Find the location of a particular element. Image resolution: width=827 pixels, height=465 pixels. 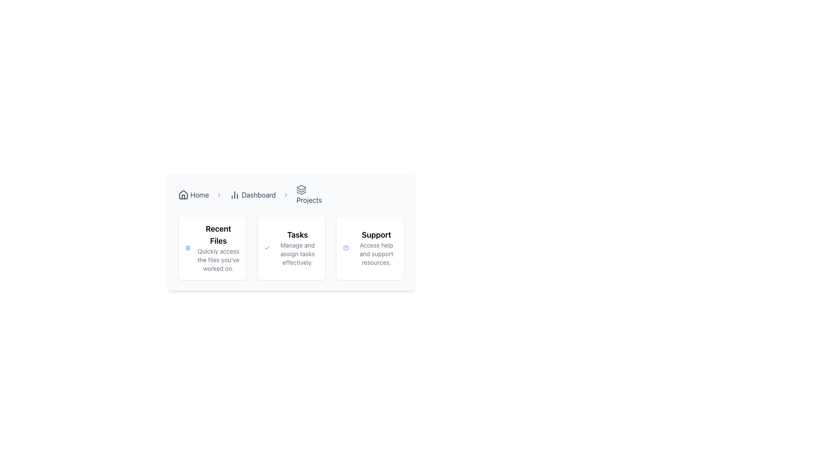

the text label displaying 'Tasks', which is styled as a bold heading and located at the top of the middle card in a three-card layout is located at coordinates (298, 235).